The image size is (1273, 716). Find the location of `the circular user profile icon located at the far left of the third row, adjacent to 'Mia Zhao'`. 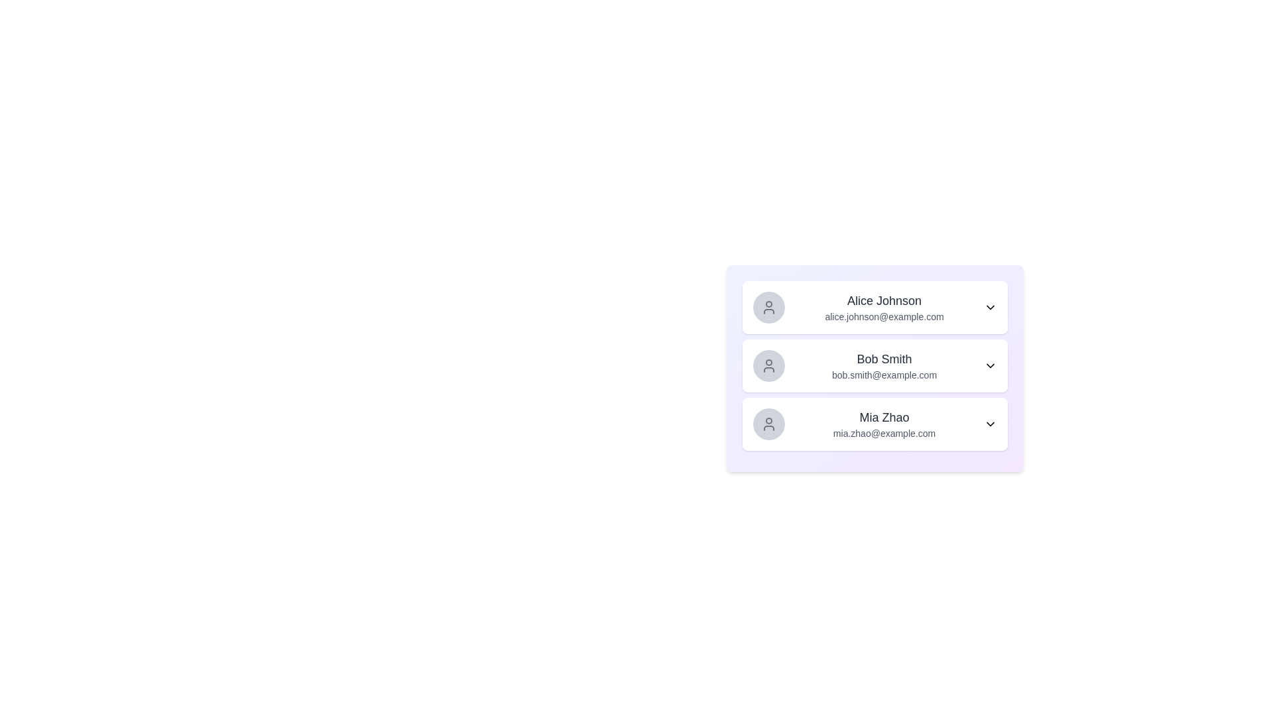

the circular user profile icon located at the far left of the third row, adjacent to 'Mia Zhao' is located at coordinates (769, 424).